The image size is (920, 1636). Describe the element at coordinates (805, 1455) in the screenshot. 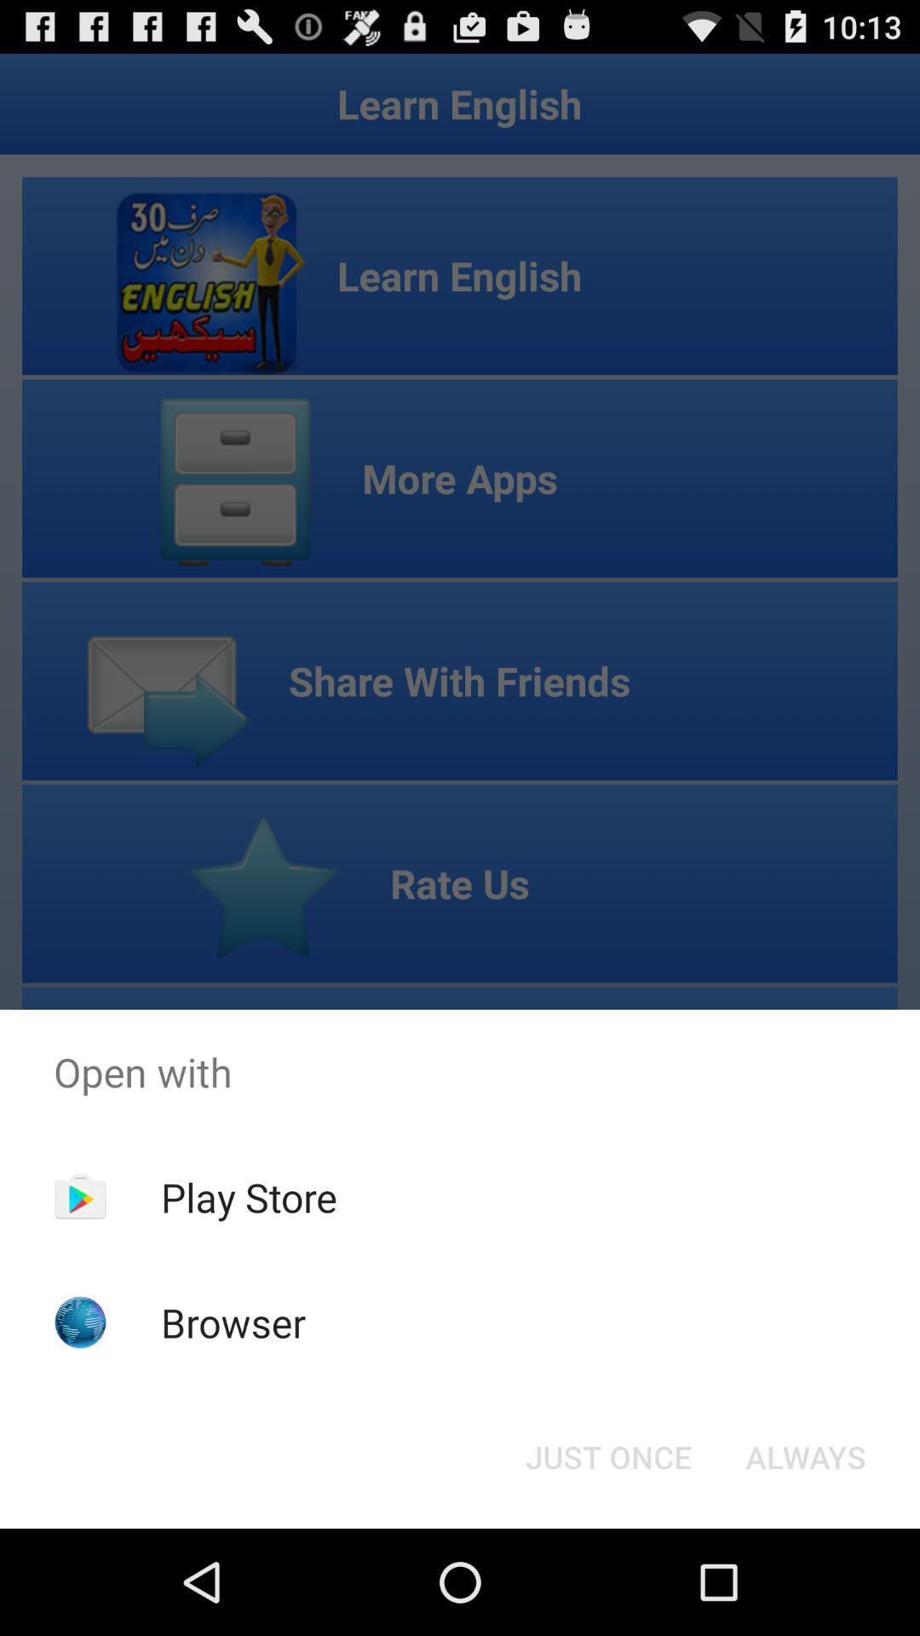

I see `button to the right of just once` at that location.